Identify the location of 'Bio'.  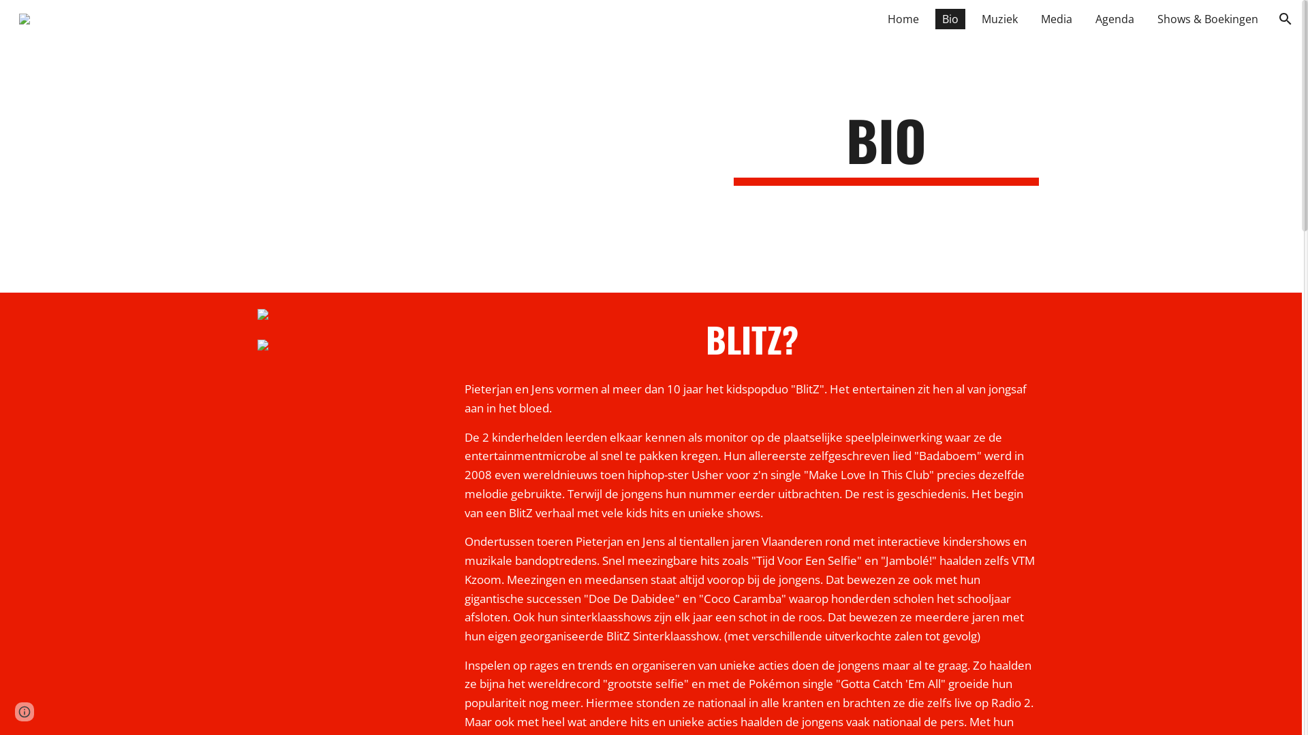
(934, 18).